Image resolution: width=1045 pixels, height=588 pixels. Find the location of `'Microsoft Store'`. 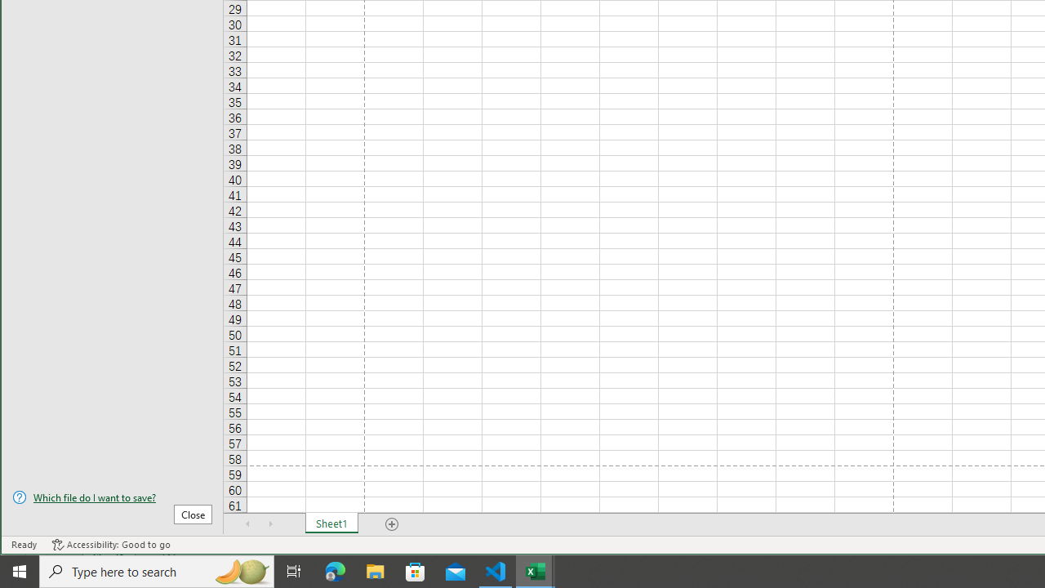

'Microsoft Store' is located at coordinates (416, 570).